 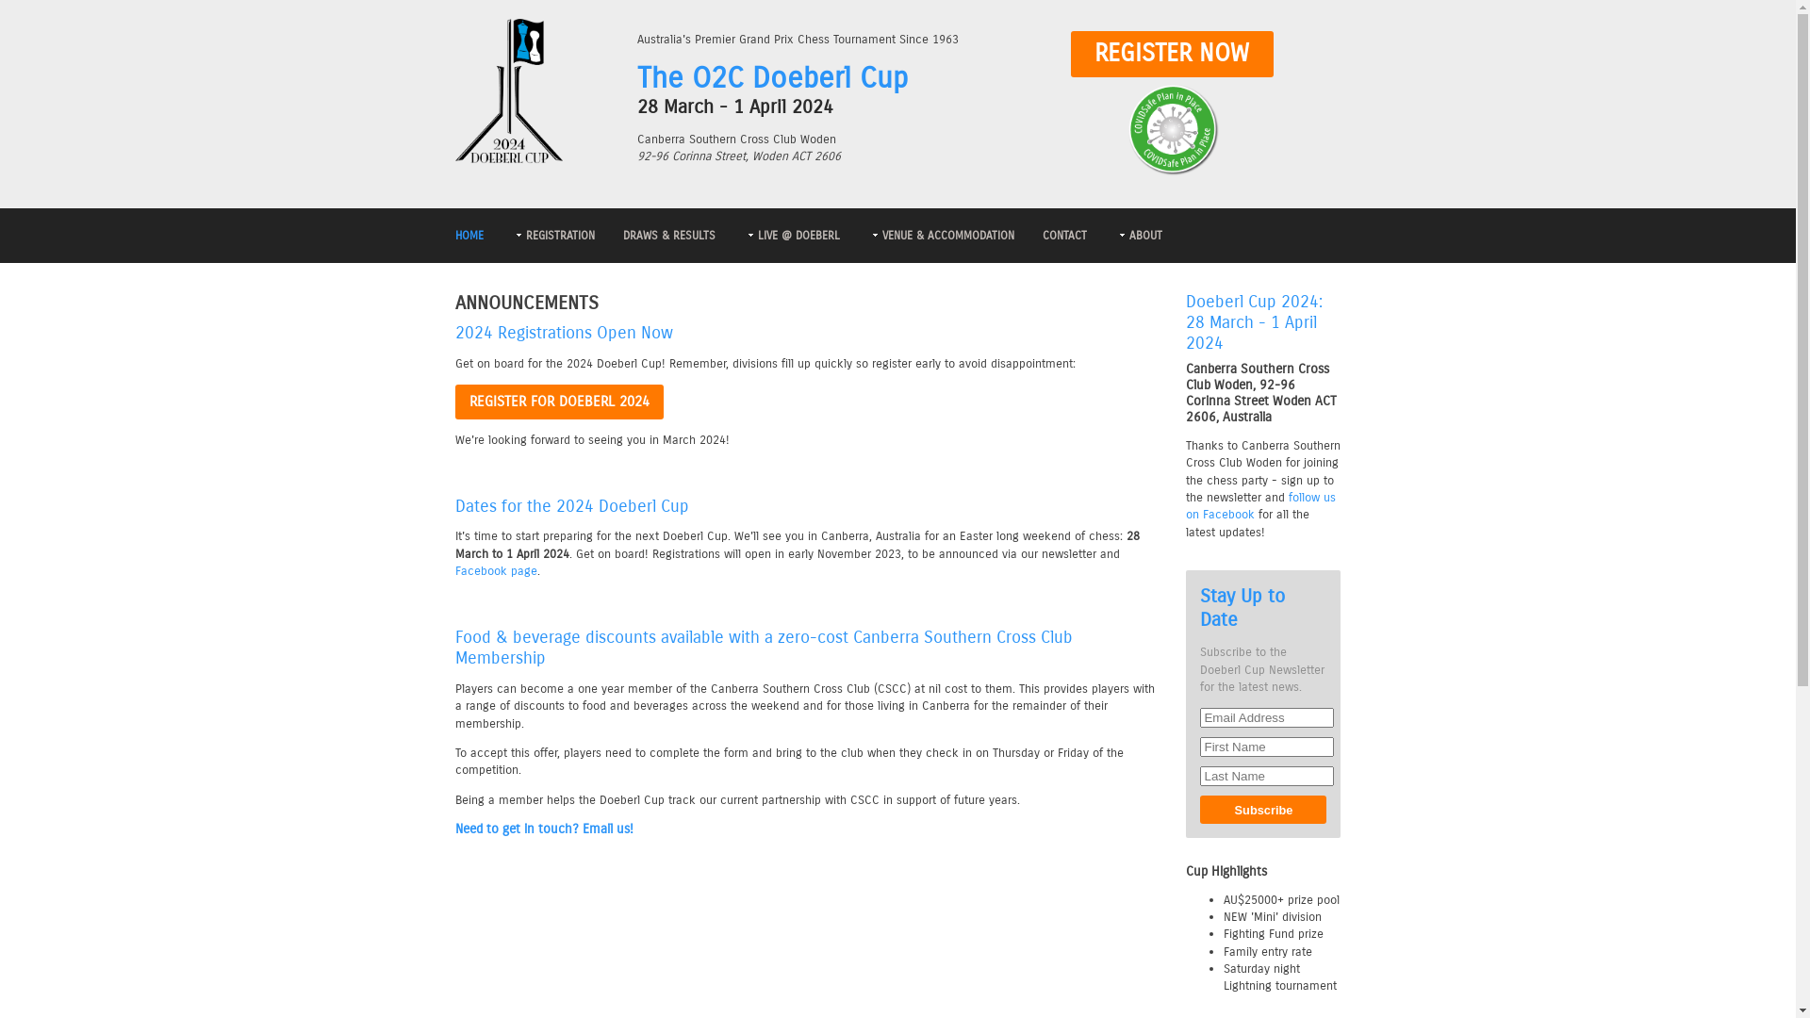 What do you see at coordinates (469, 235) in the screenshot?
I see `'HOME'` at bounding box center [469, 235].